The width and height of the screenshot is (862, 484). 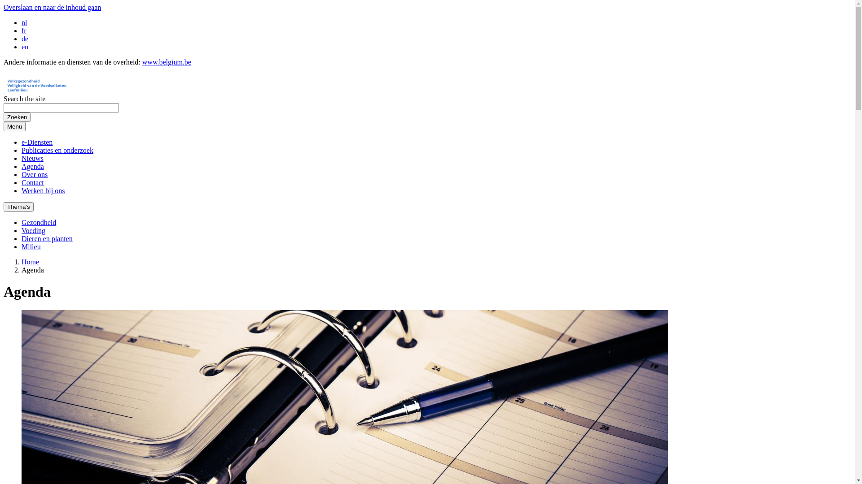 I want to click on 'Nieuws', so click(x=32, y=158).